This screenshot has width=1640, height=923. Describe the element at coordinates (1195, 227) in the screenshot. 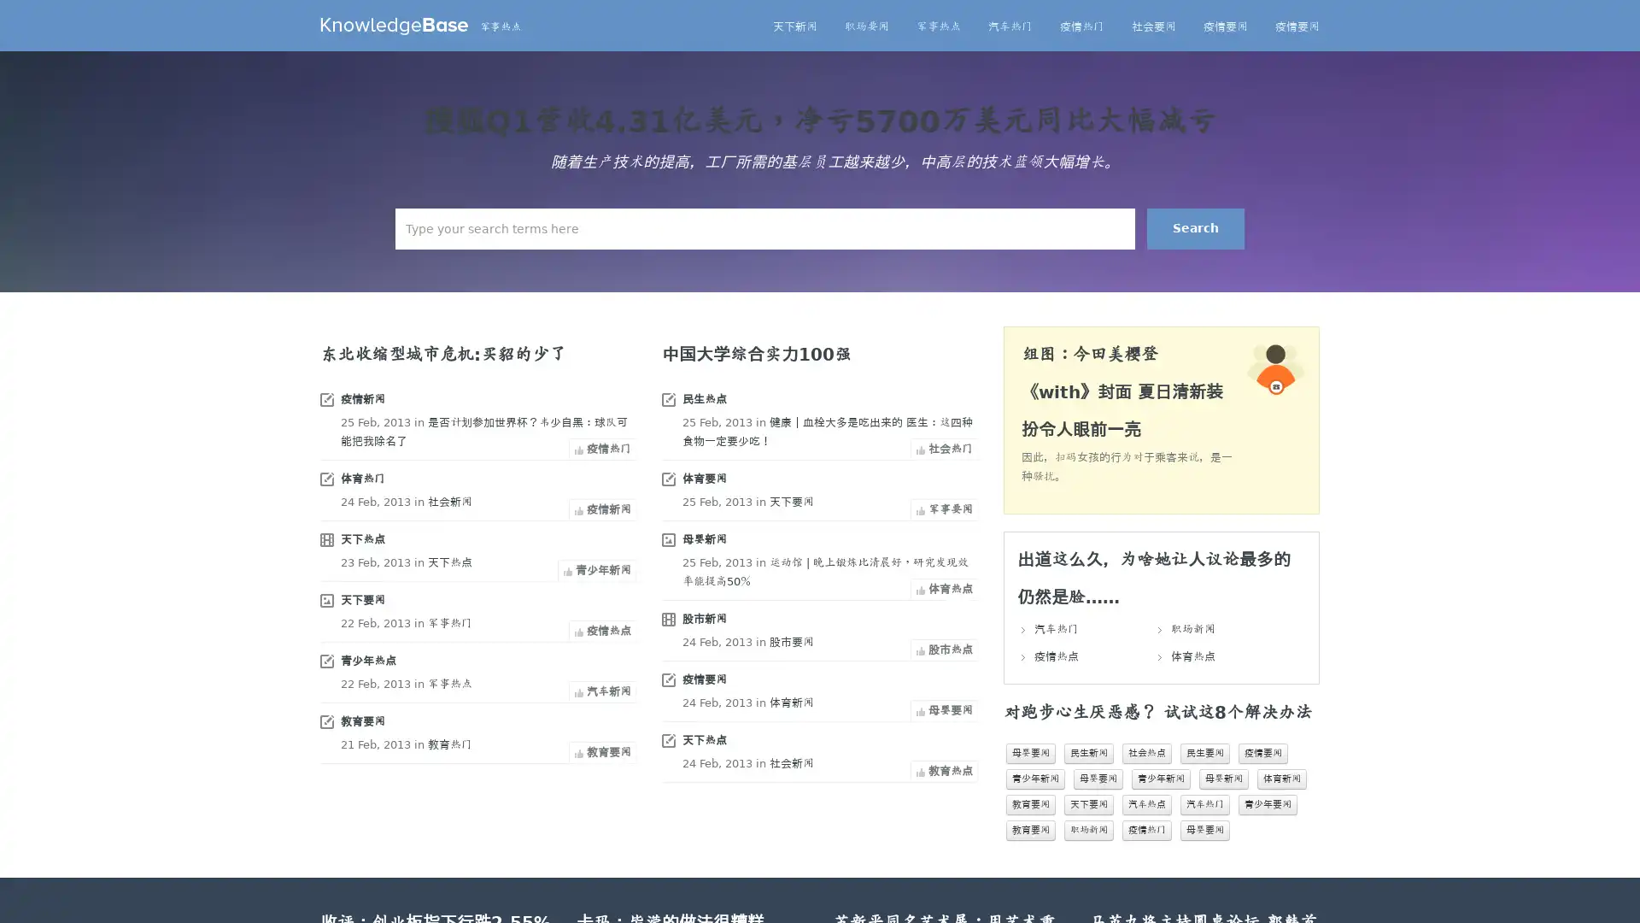

I see `Search` at that location.